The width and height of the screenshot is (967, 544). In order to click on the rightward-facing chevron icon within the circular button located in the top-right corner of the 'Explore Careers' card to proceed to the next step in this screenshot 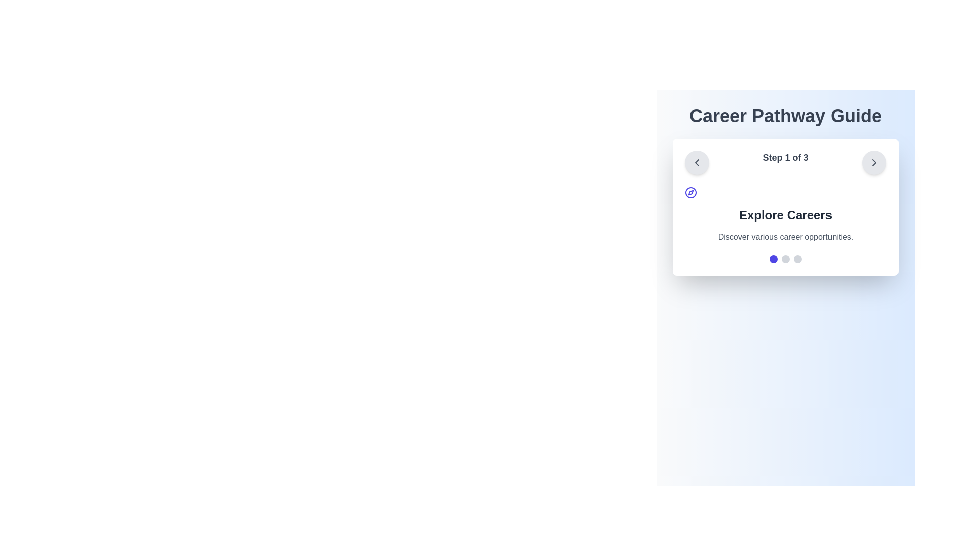, I will do `click(874, 162)`.